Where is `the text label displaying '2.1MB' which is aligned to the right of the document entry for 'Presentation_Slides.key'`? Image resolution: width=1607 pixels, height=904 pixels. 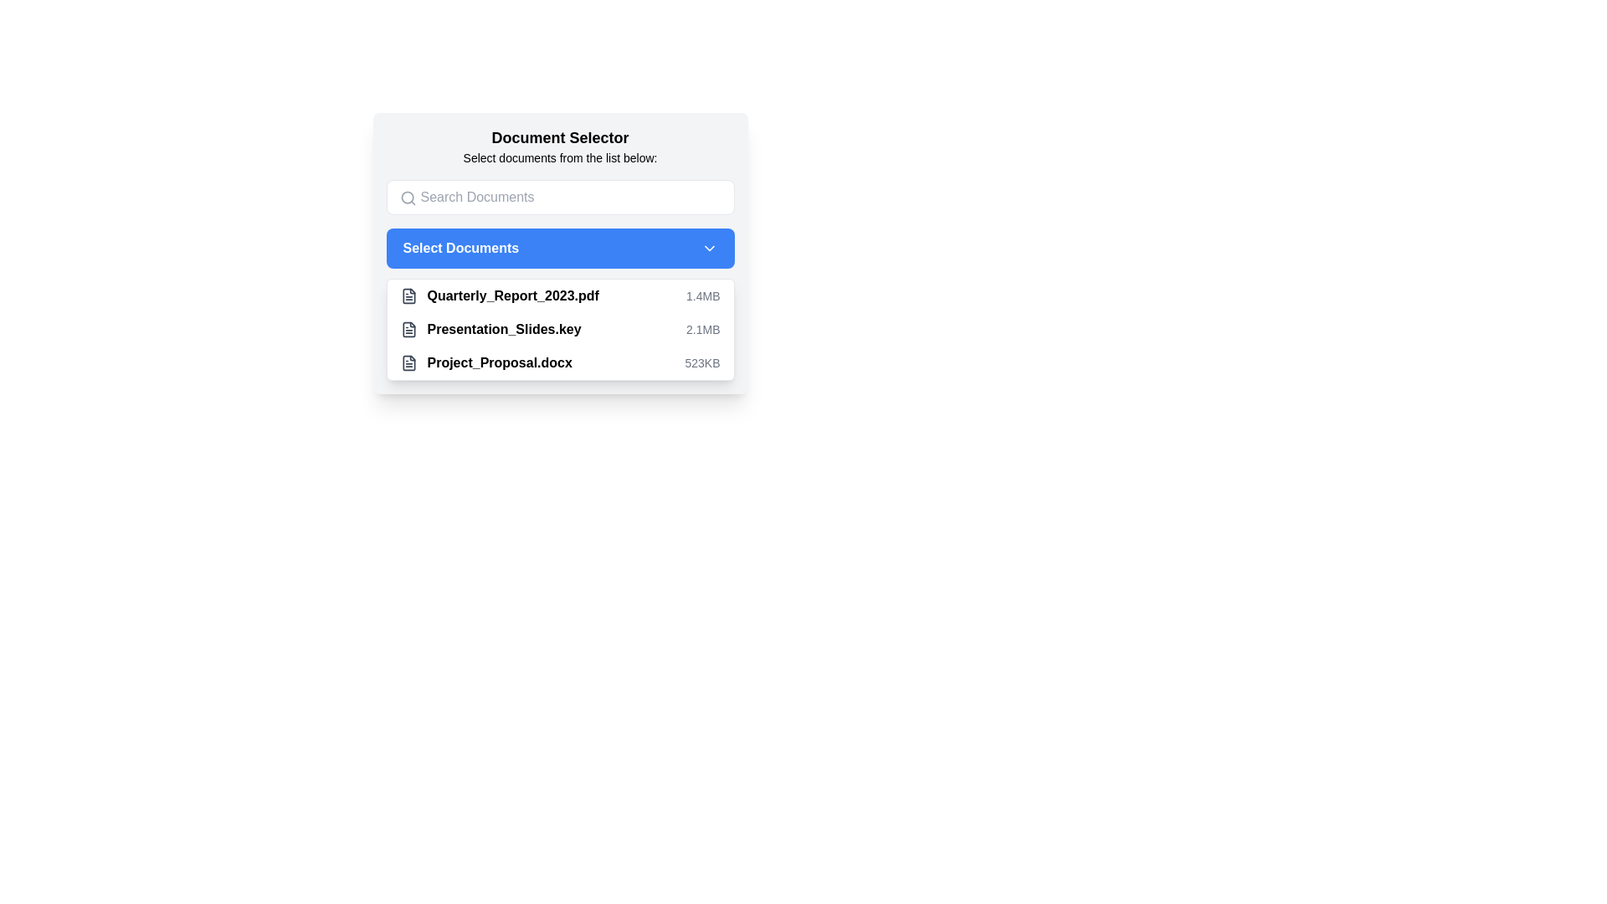 the text label displaying '2.1MB' which is aligned to the right of the document entry for 'Presentation_Slides.key' is located at coordinates (703, 329).